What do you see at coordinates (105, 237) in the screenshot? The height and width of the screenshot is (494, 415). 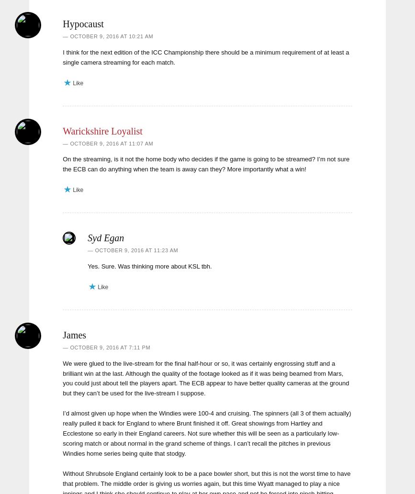 I see `'Syd Egan'` at bounding box center [105, 237].